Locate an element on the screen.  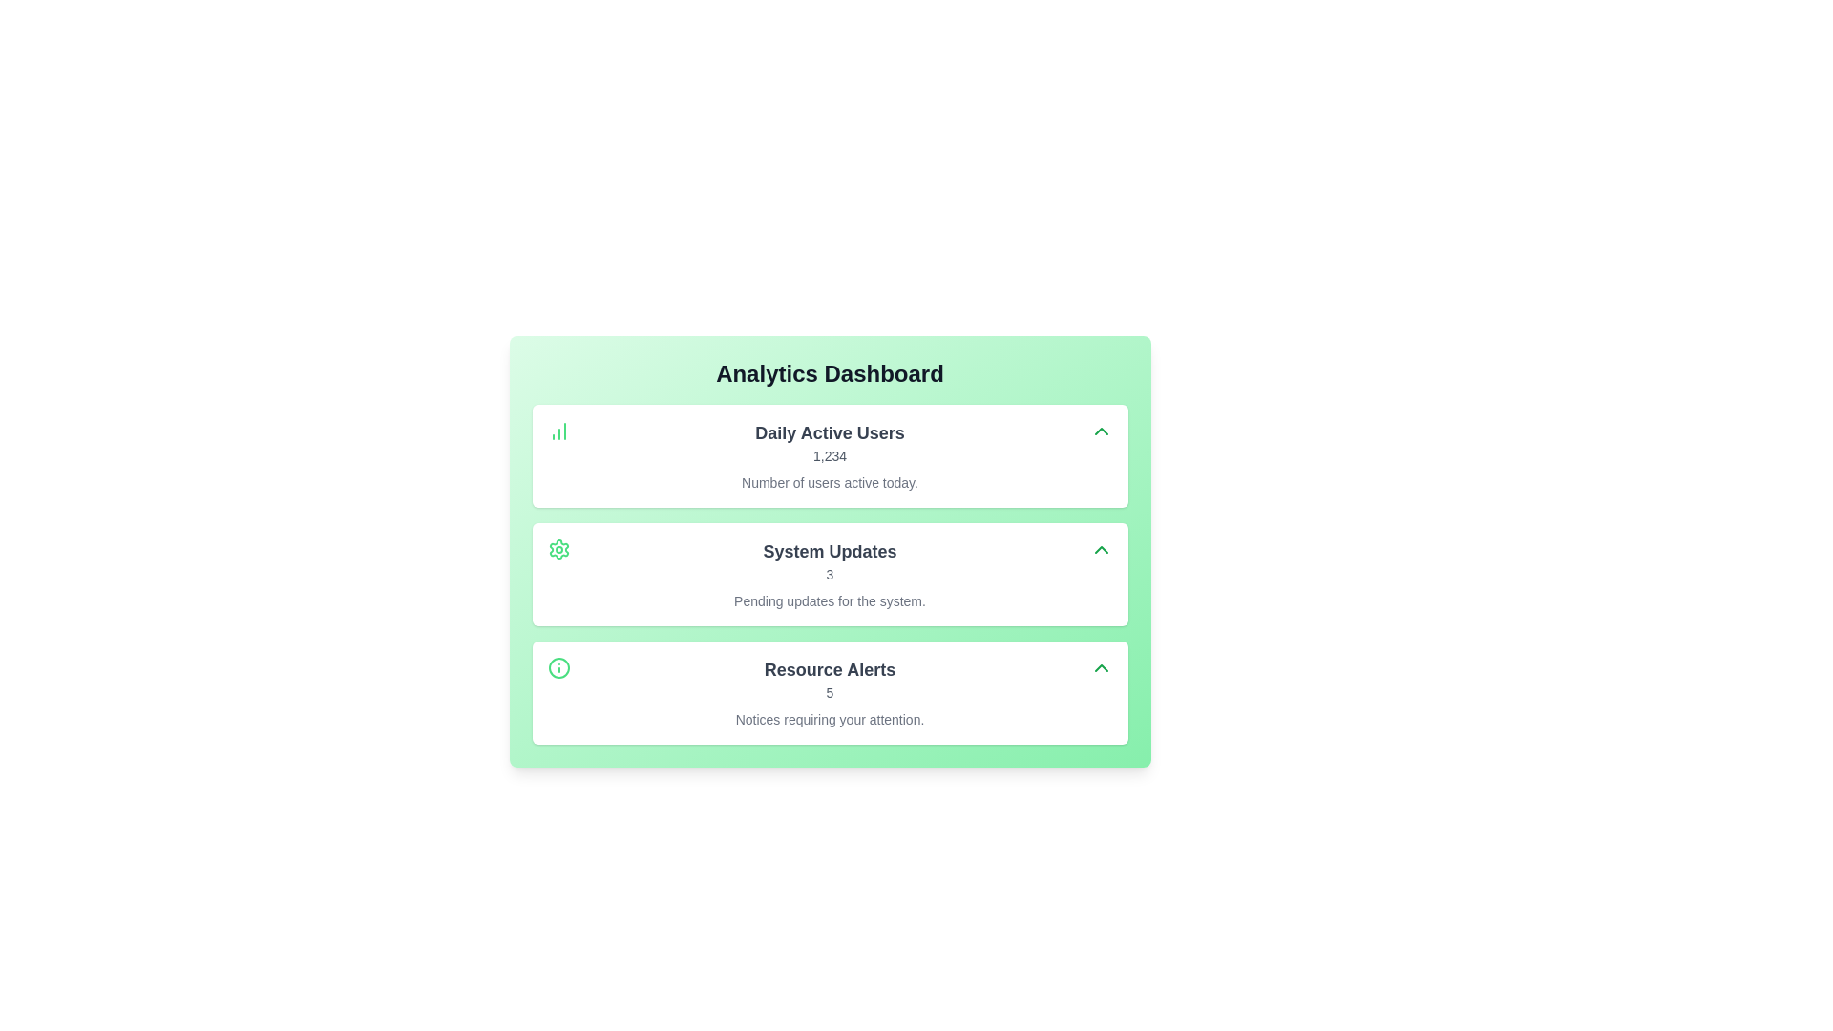
the list item corresponding to Resource Alerts is located at coordinates (830, 692).